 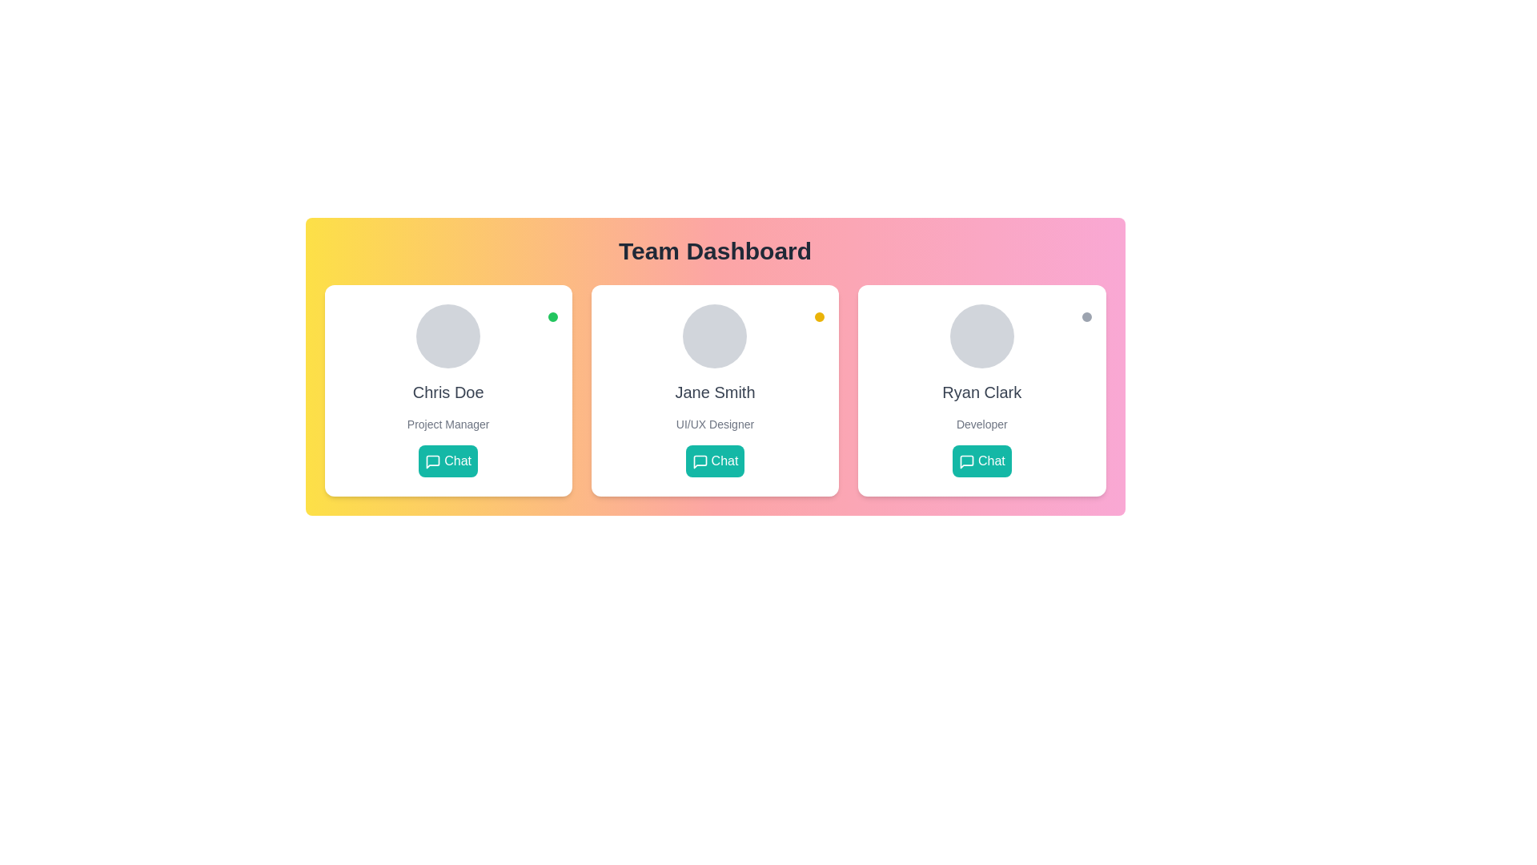 What do you see at coordinates (1086, 317) in the screenshot?
I see `the status indicator badge located at the top-right corner of the panel containing information about 'Ryan Clark', above the text 'Developer', and next to the rounded profile placeholder` at bounding box center [1086, 317].